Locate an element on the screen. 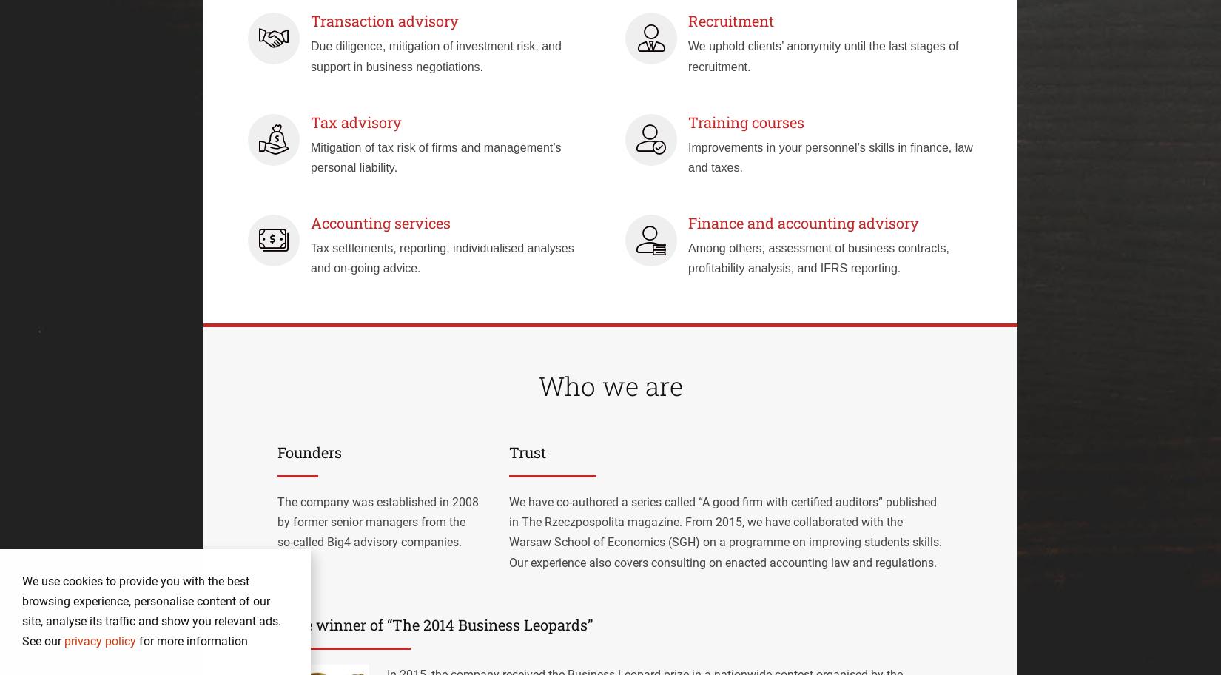 Image resolution: width=1221 pixels, height=675 pixels. 'We uphold clients’ anonymity until the last stages of recruitment.' is located at coordinates (687, 55).